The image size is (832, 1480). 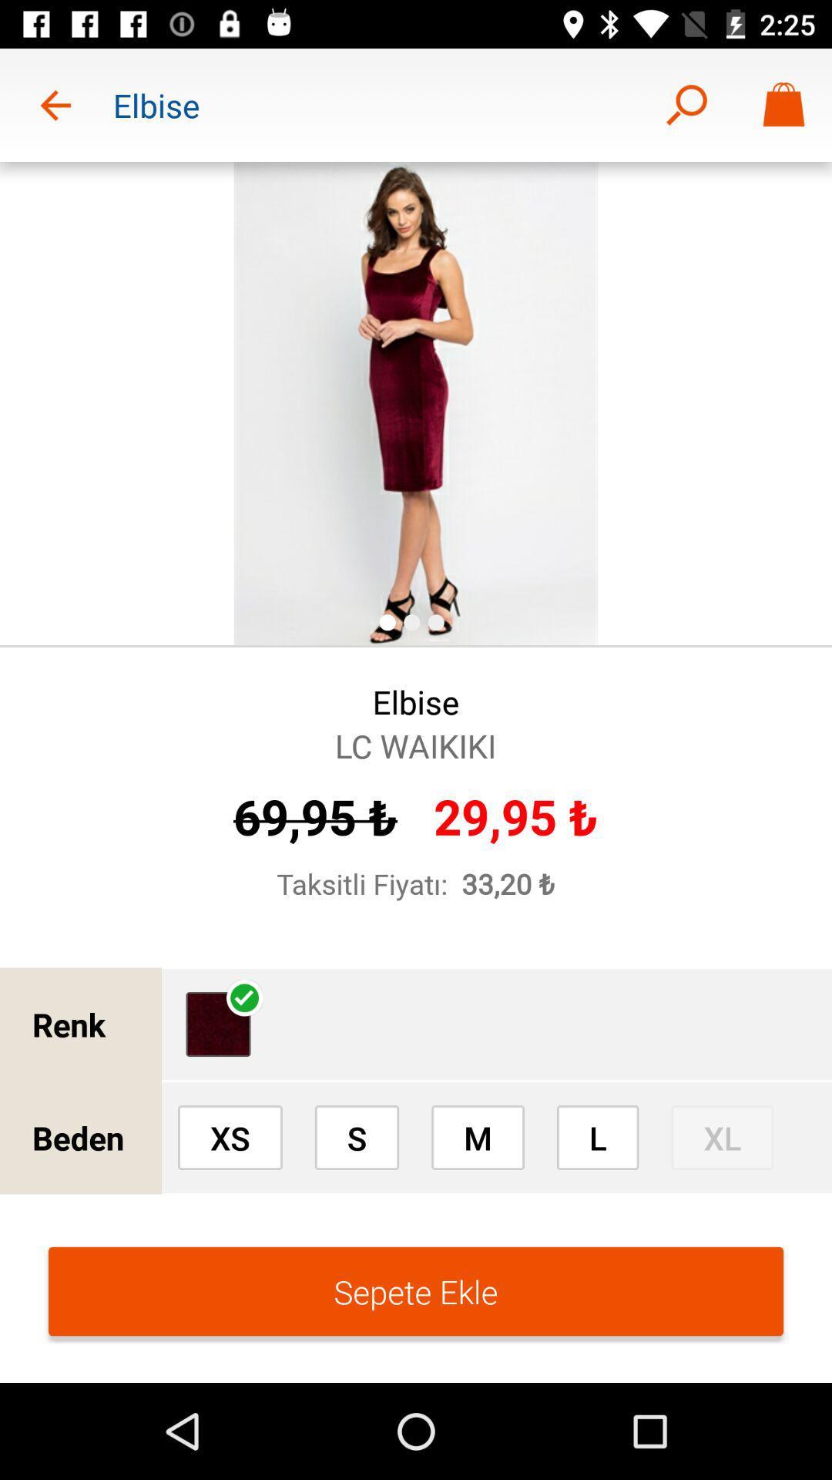 What do you see at coordinates (230, 1137) in the screenshot?
I see `xs` at bounding box center [230, 1137].